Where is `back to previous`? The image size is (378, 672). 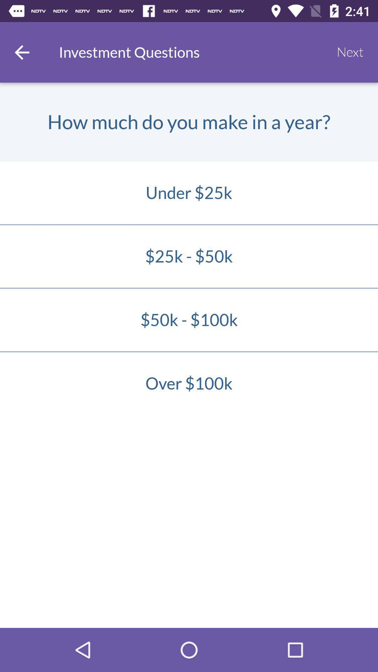 back to previous is located at coordinates (21, 52).